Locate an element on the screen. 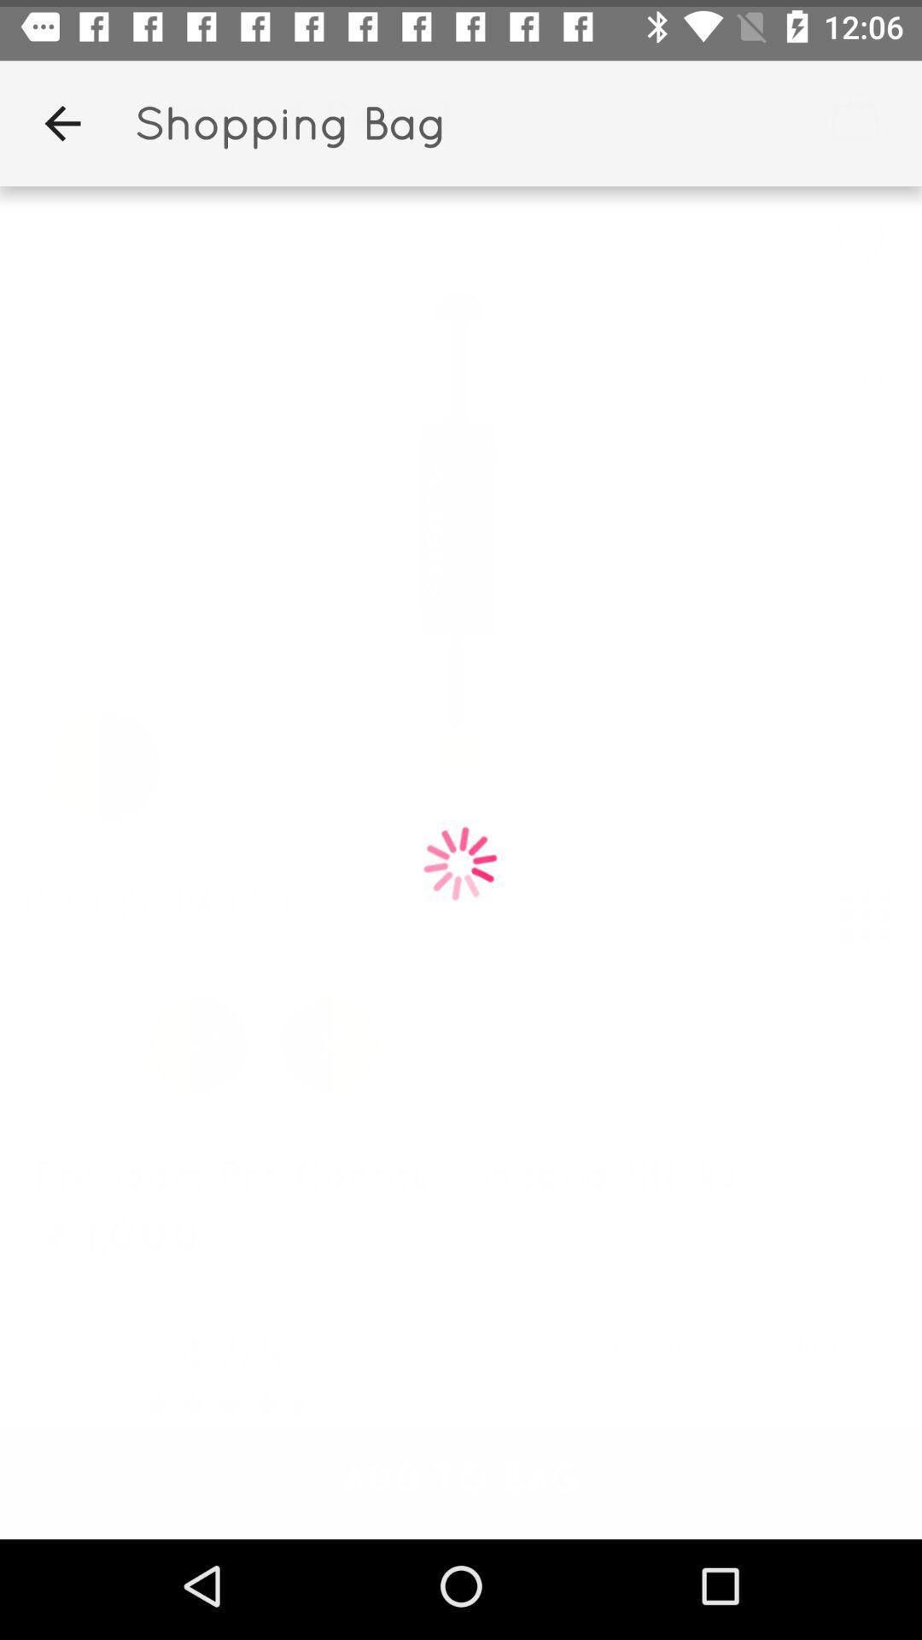 Image resolution: width=922 pixels, height=1640 pixels. the item next to the shopping bag app is located at coordinates (61, 115).